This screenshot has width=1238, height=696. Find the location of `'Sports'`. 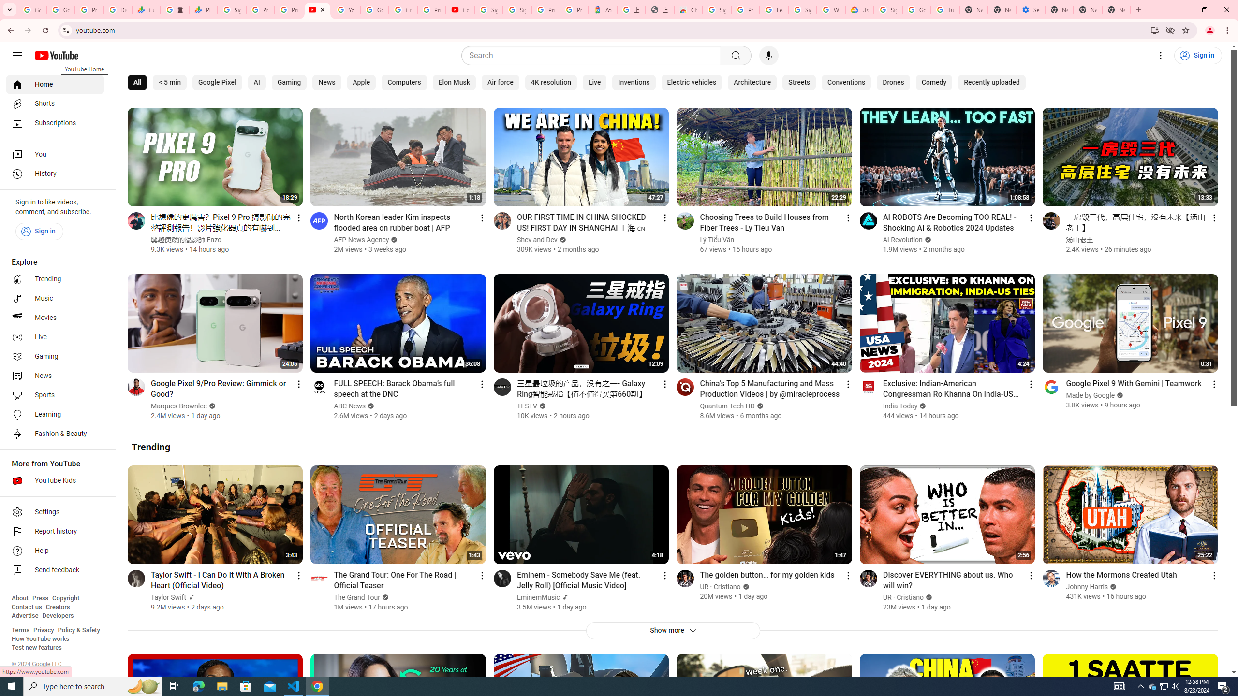

'Sports' is located at coordinates (55, 394).